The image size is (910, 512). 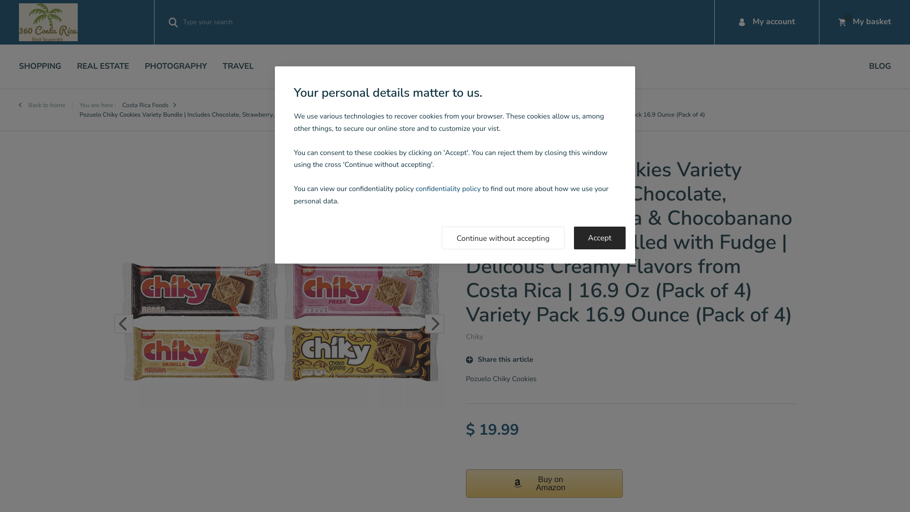 I want to click on 'BLOG', so click(x=880, y=66).